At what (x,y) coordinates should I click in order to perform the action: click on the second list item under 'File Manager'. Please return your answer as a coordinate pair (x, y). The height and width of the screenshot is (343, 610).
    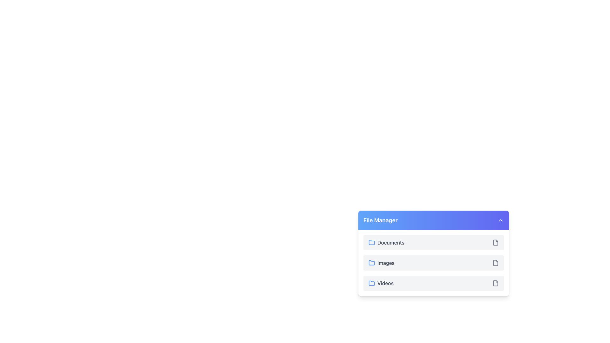
    Looking at the image, I should click on (433, 268).